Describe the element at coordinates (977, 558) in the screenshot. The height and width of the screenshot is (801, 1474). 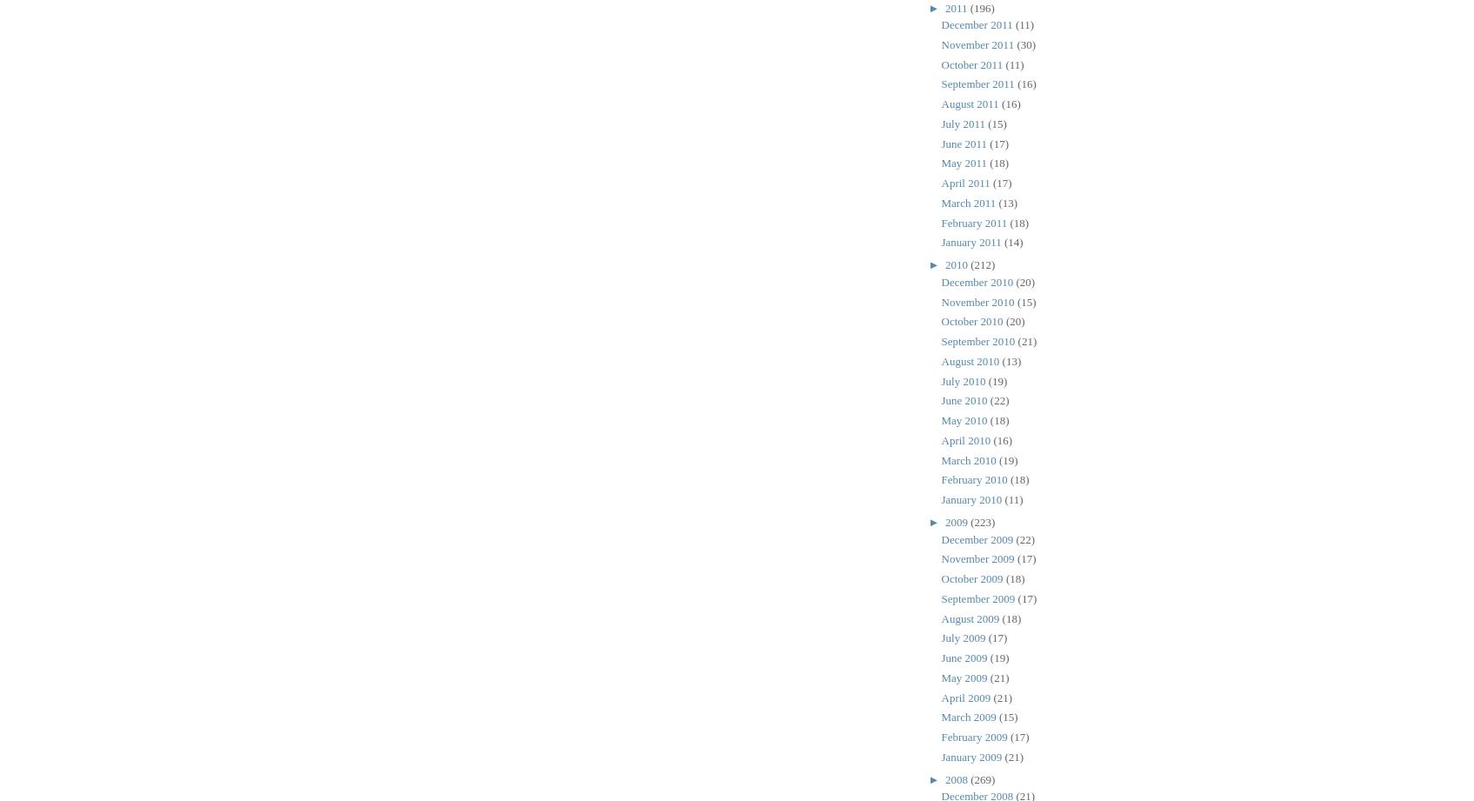
I see `'November 2009'` at that location.